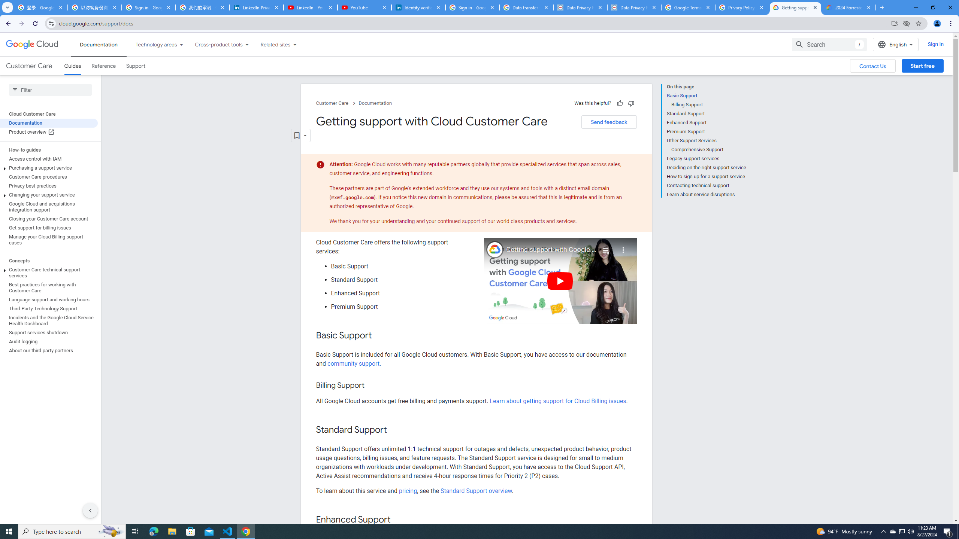 Image resolution: width=959 pixels, height=539 pixels. Describe the element at coordinates (72, 66) in the screenshot. I see `'Guides, selected'` at that location.